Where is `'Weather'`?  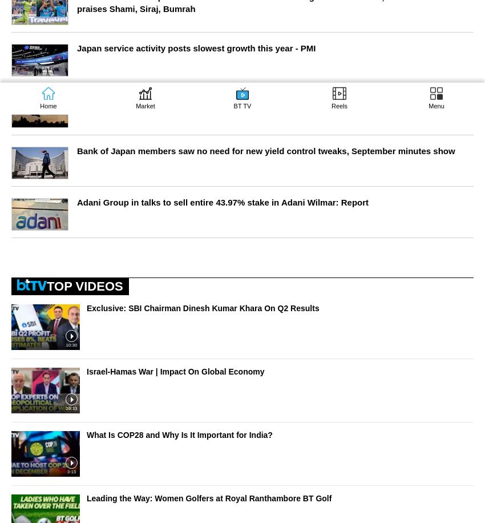
'Weather' is located at coordinates (28, 471).